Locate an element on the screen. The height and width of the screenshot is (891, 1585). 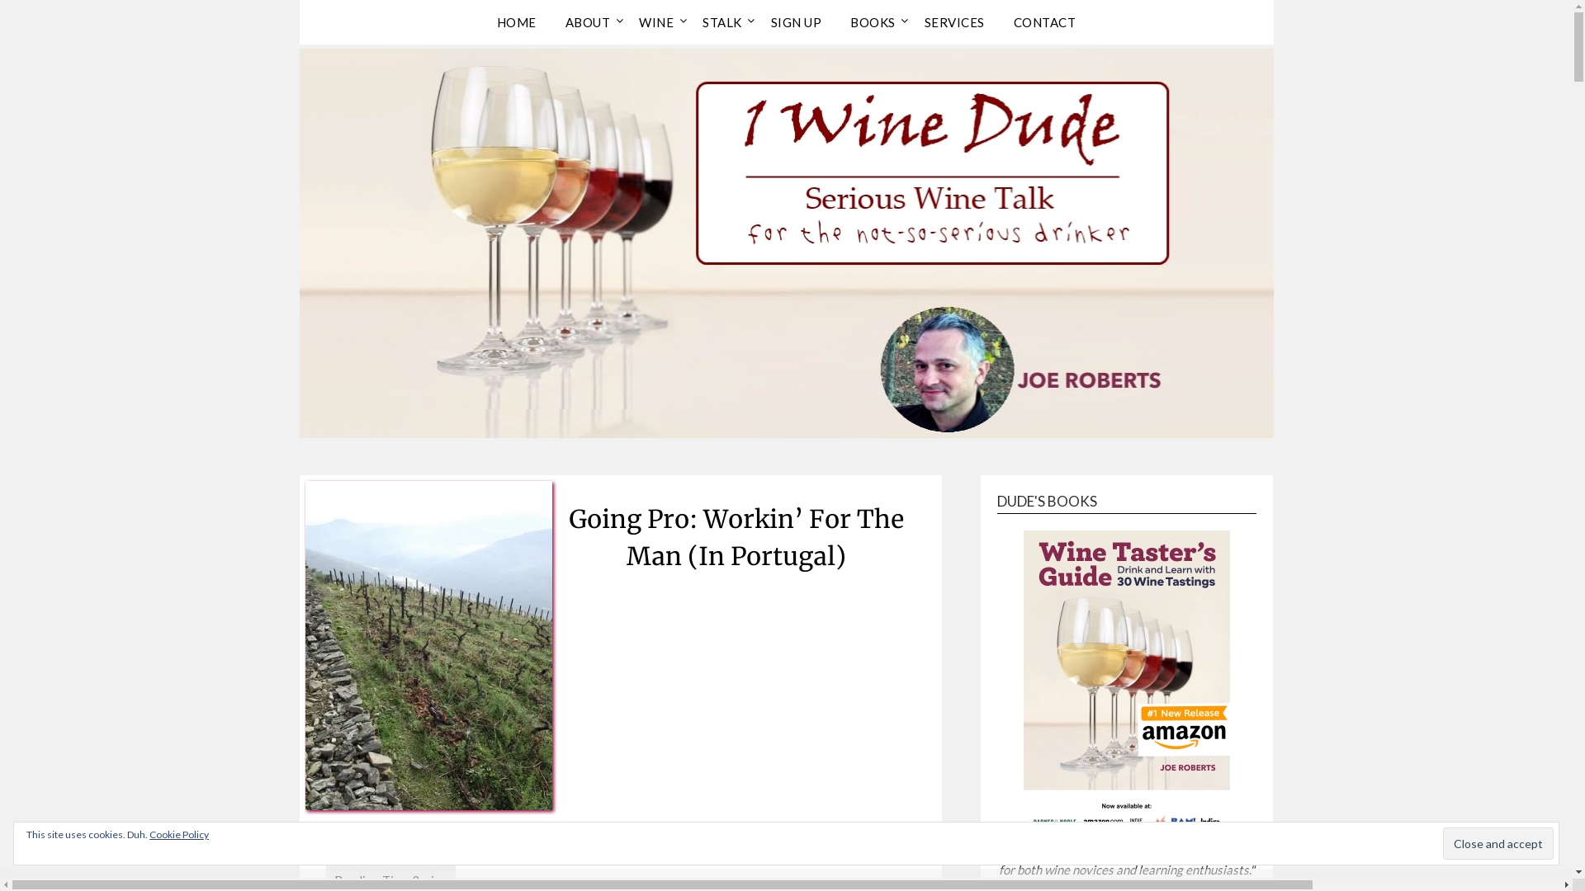
'February 9, 2011' is located at coordinates (600, 835).